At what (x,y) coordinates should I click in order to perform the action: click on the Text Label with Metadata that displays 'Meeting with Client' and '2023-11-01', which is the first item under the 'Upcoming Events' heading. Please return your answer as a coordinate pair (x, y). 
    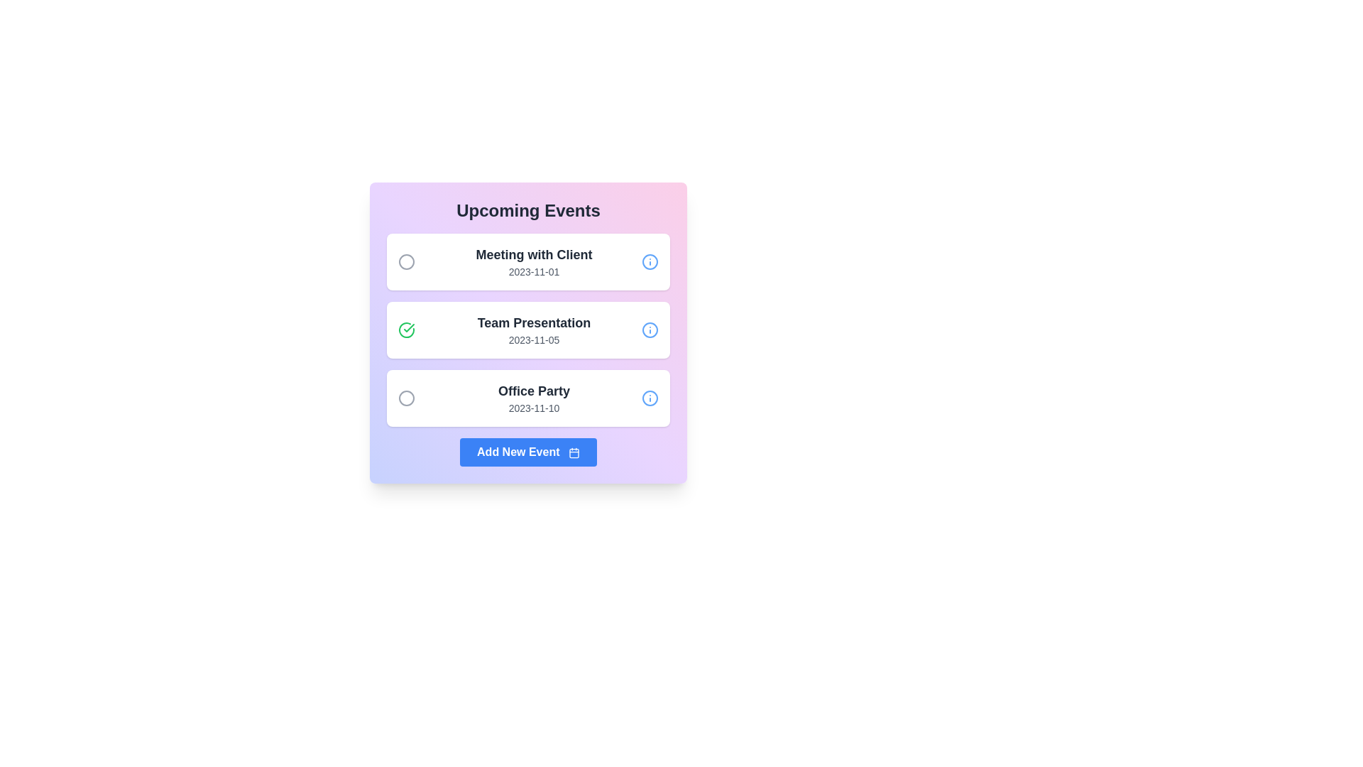
    Looking at the image, I should click on (533, 262).